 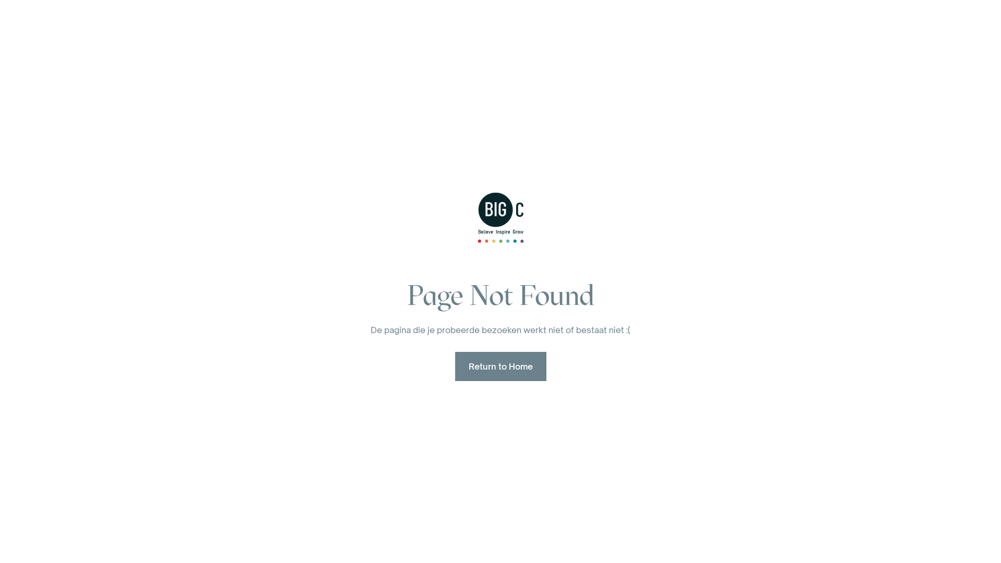 What do you see at coordinates (499, 365) in the screenshot?
I see `'Return to Home'` at bounding box center [499, 365].